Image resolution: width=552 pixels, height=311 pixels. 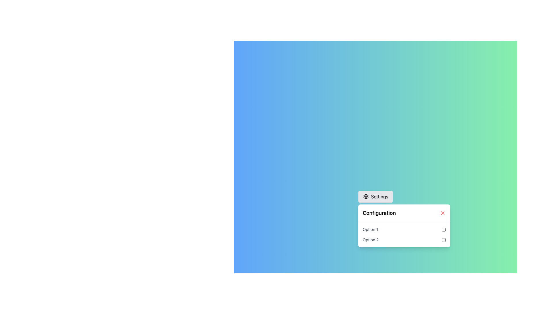 What do you see at coordinates (404, 234) in the screenshot?
I see `the checkbox group within the 'Configuration' modal` at bounding box center [404, 234].